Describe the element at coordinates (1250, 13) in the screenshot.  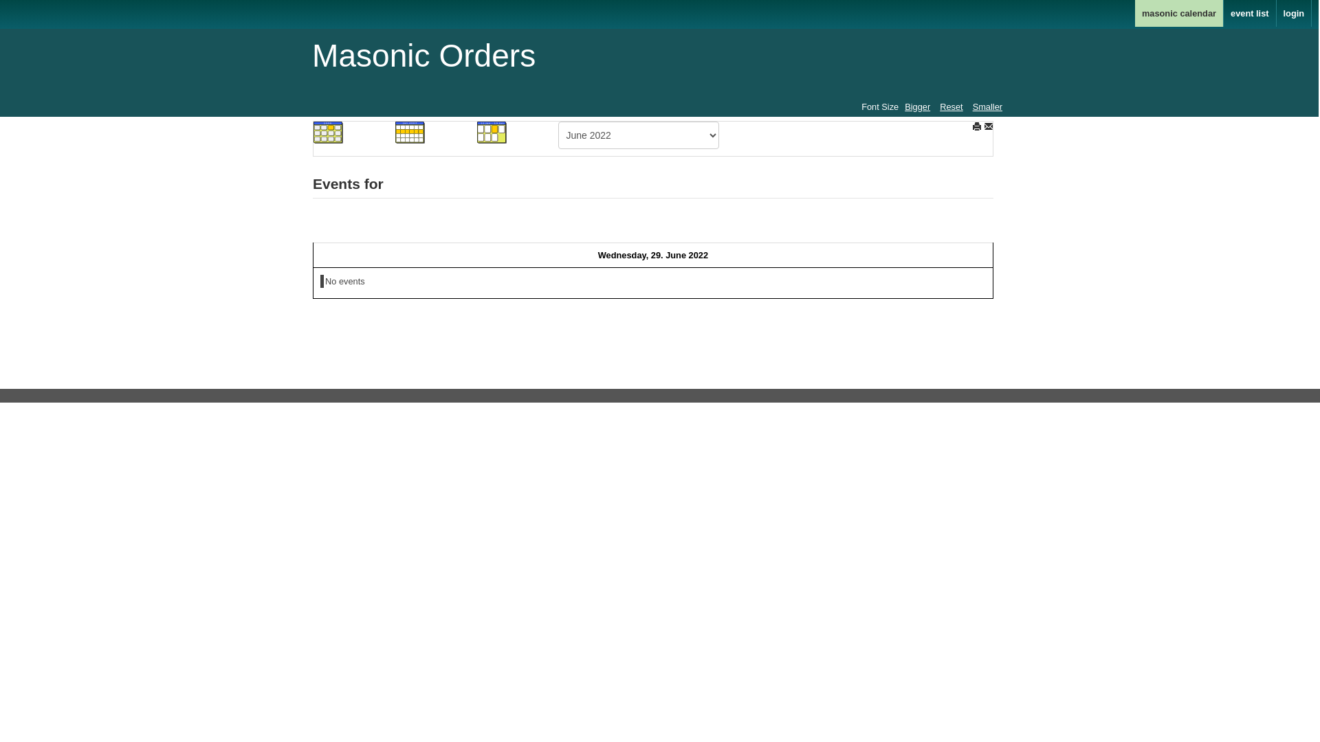
I see `'event list'` at that location.